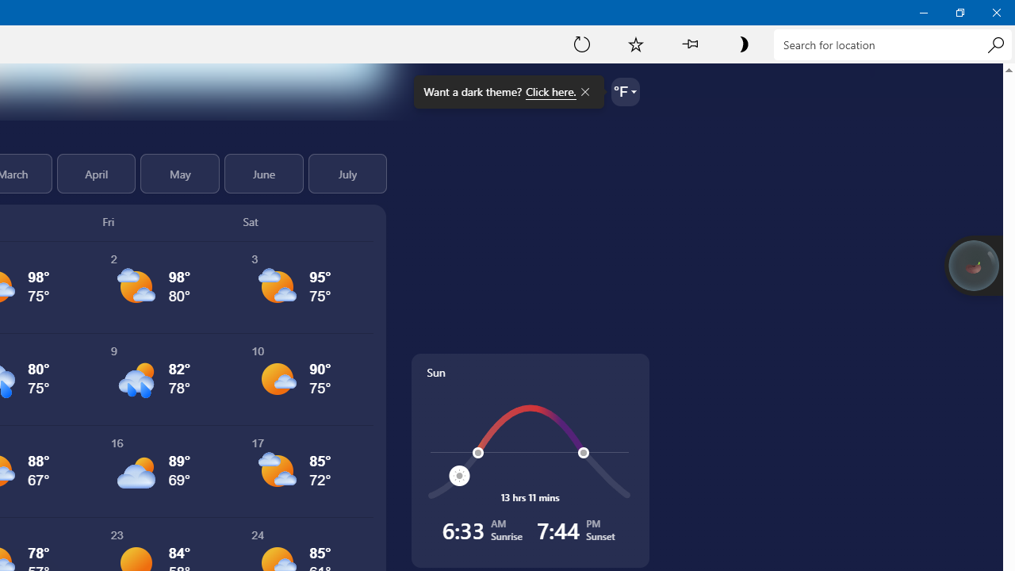 The image size is (1015, 571). Describe the element at coordinates (581, 43) in the screenshot. I see `'Refresh'` at that location.